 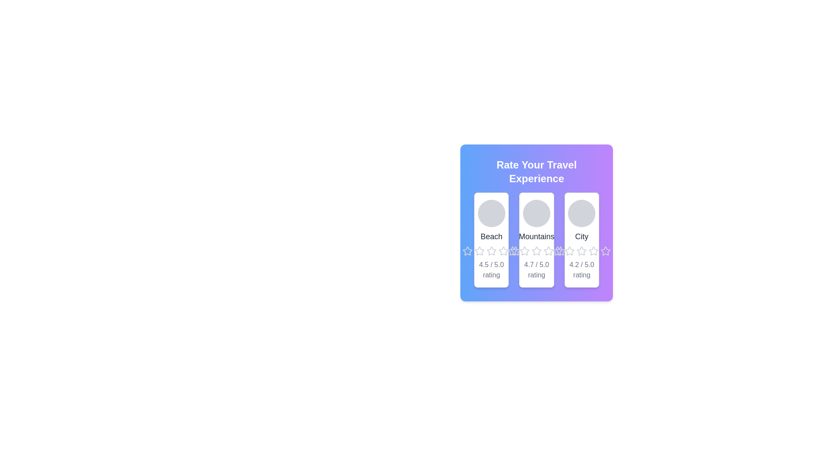 What do you see at coordinates (582, 240) in the screenshot?
I see `the stars on the City rating card, which is the third card in the grid layout positioned in the top right, to provide a rating` at bounding box center [582, 240].